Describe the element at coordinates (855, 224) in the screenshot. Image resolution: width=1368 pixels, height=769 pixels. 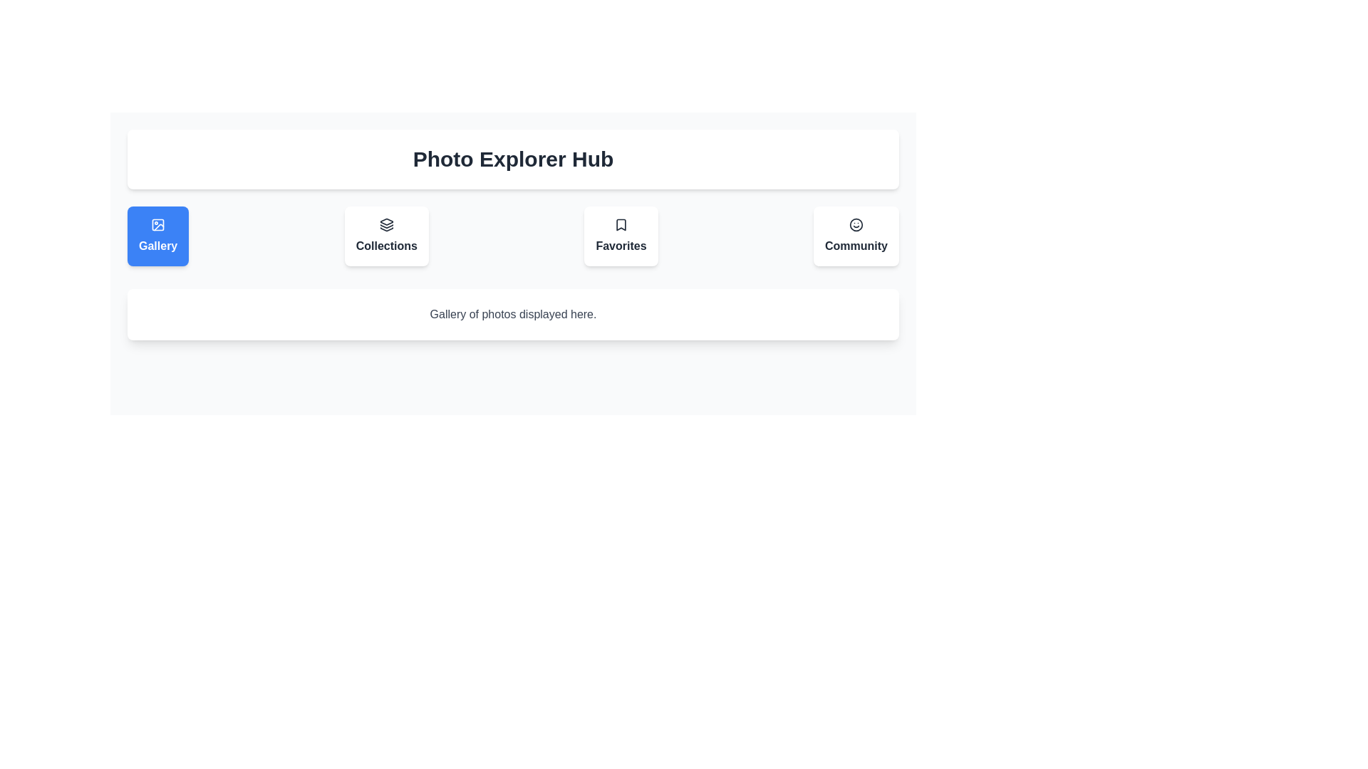
I see `the small circular smiley face icon located at the top center of the 'Community' button` at that location.